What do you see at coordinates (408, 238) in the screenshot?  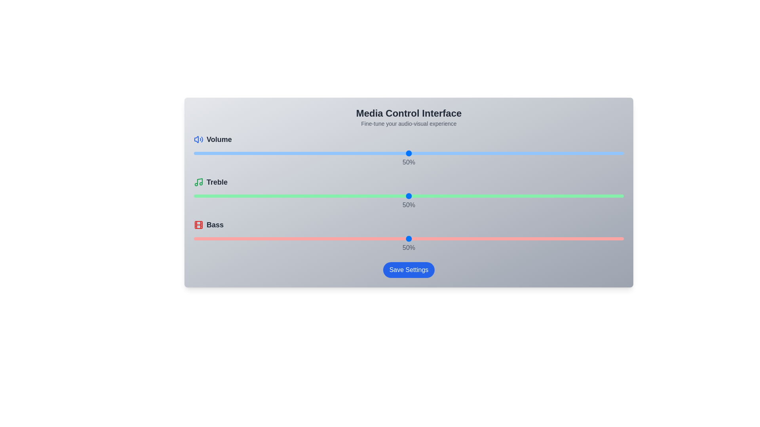 I see `the position along the 'Bass' range slider, which is styled with a red background and is the third slider in a vertical sequence, to adjust its value` at bounding box center [408, 238].